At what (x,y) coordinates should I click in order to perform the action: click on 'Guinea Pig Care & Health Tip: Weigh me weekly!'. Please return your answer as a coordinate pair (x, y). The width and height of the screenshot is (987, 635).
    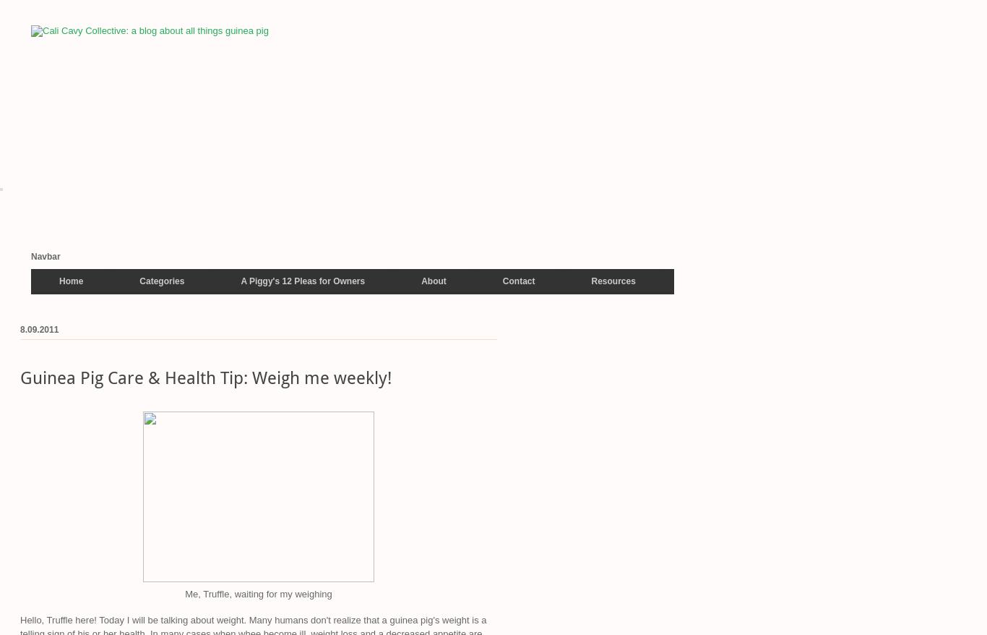
    Looking at the image, I should click on (20, 378).